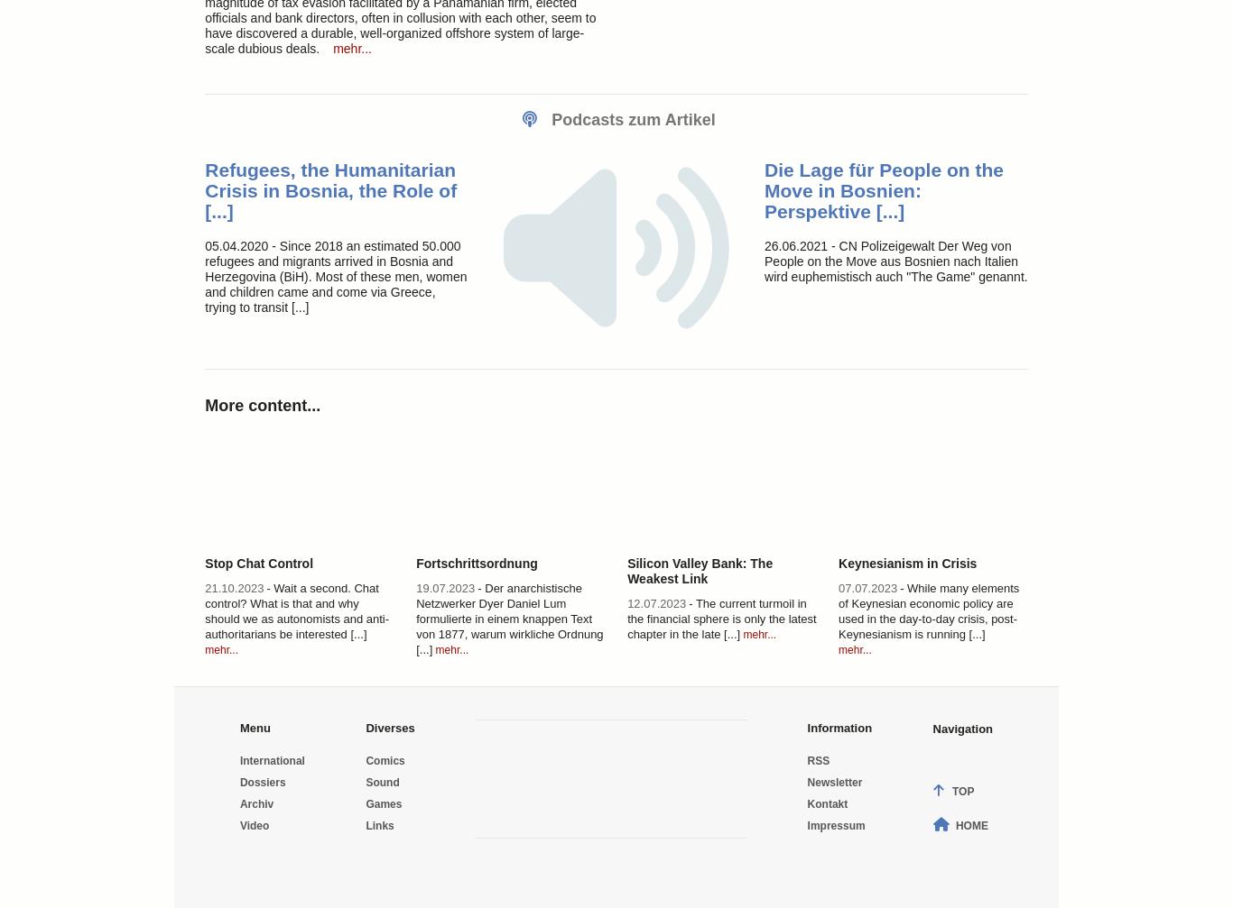  What do you see at coordinates (258, 562) in the screenshot?
I see `'Stop Chat Control'` at bounding box center [258, 562].